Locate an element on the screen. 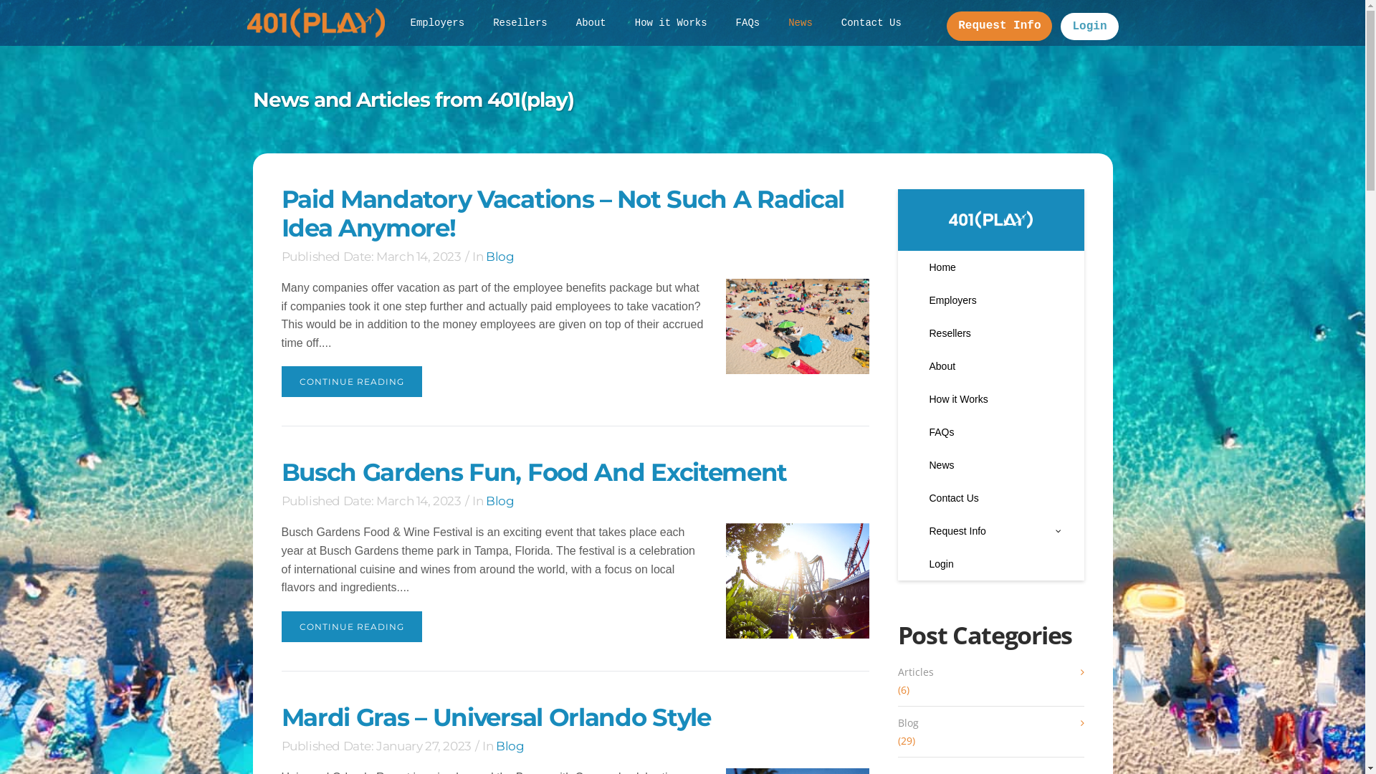 The width and height of the screenshot is (1376, 774). 'Blog' is located at coordinates (500, 256).